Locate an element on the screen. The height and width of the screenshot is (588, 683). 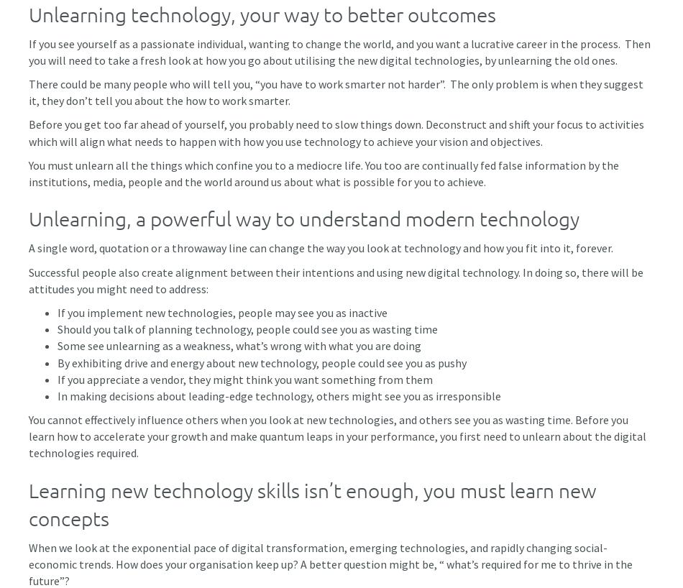
'If you appreciate a vendor, they might think you want something from them' is located at coordinates (244, 379).